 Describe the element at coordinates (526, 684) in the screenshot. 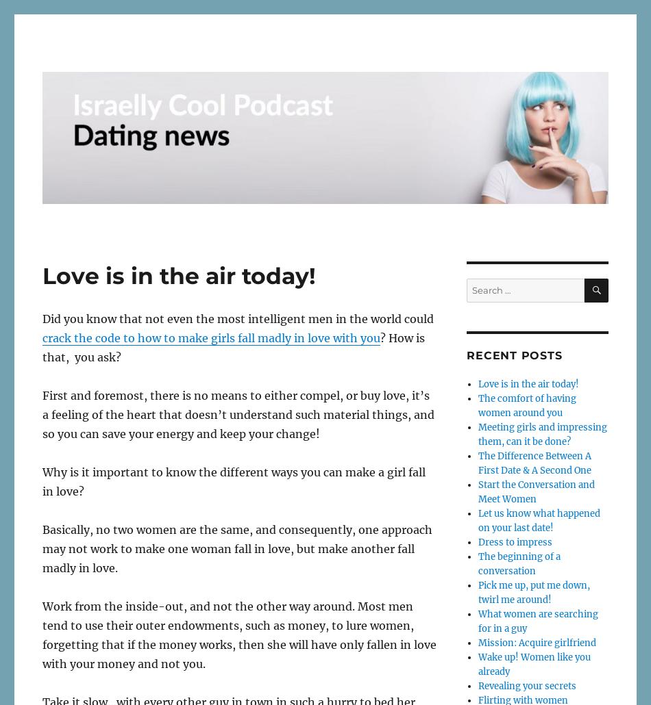

I see `'Revealing your secrets'` at that location.